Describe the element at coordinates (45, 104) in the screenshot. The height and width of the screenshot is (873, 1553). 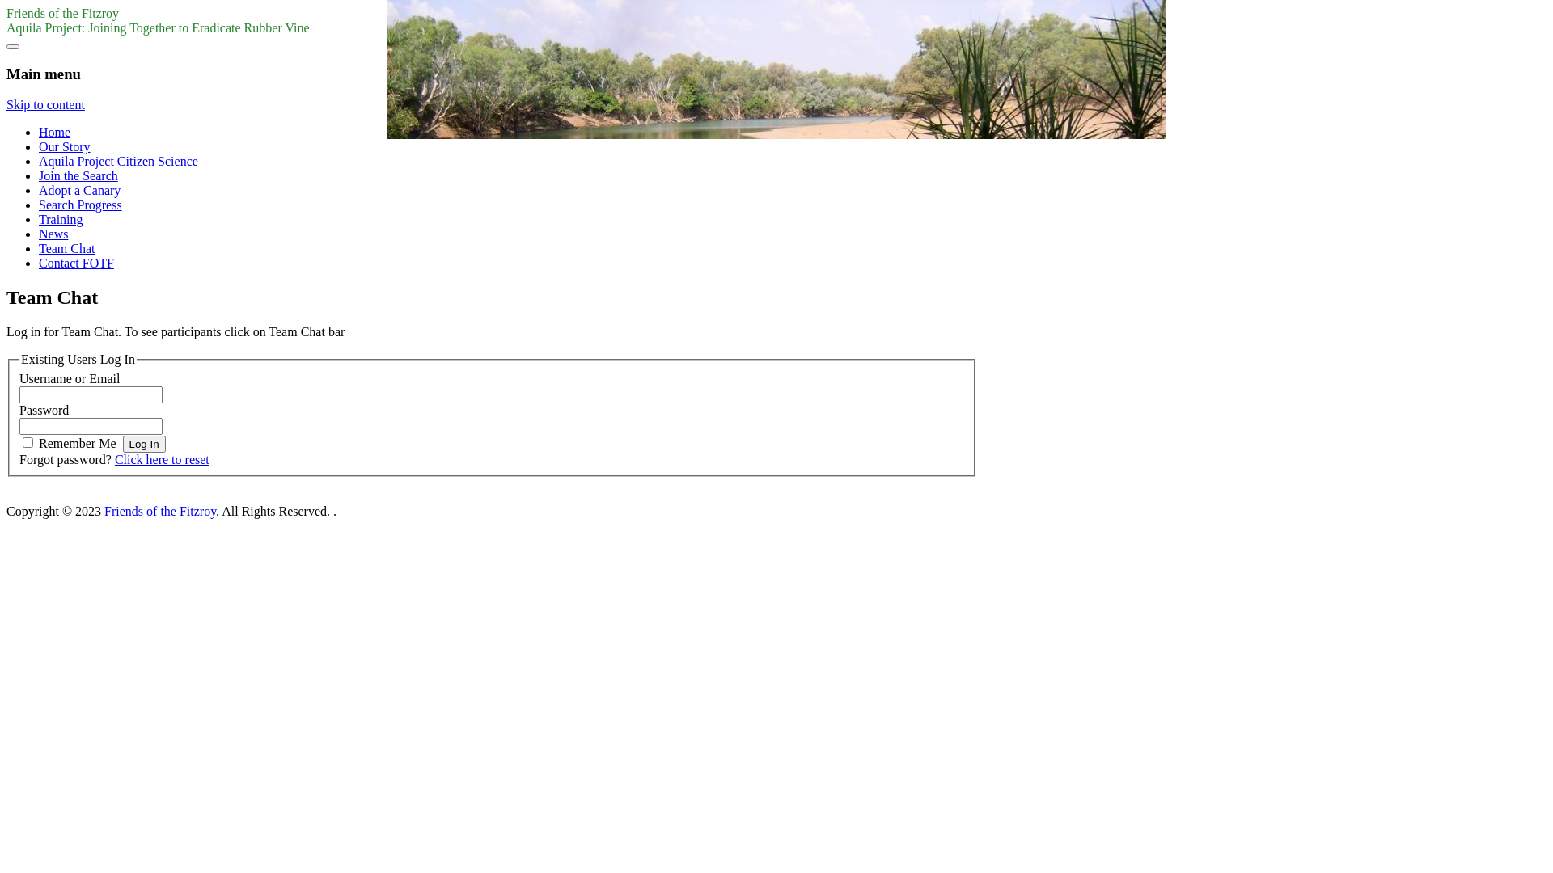
I see `'Skip to content'` at that location.